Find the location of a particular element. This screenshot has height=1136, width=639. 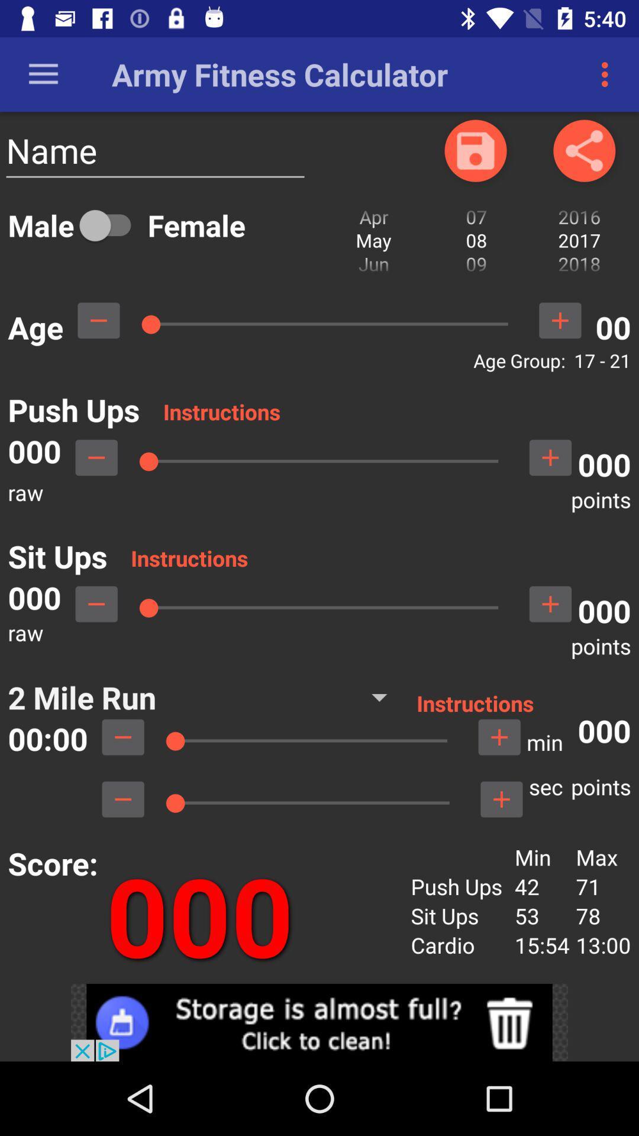

the minus icon is located at coordinates (98, 320).